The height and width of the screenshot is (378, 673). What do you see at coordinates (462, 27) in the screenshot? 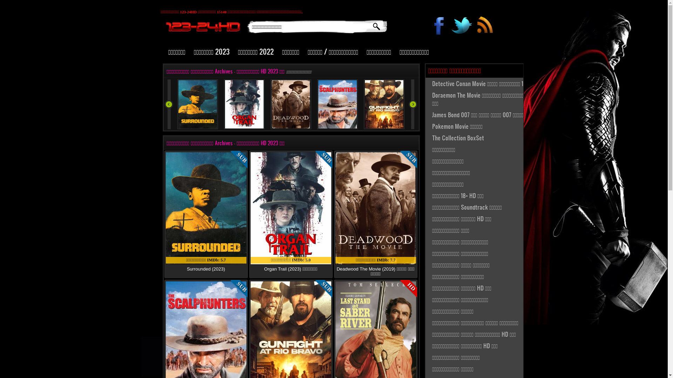
I see `'#'` at bounding box center [462, 27].